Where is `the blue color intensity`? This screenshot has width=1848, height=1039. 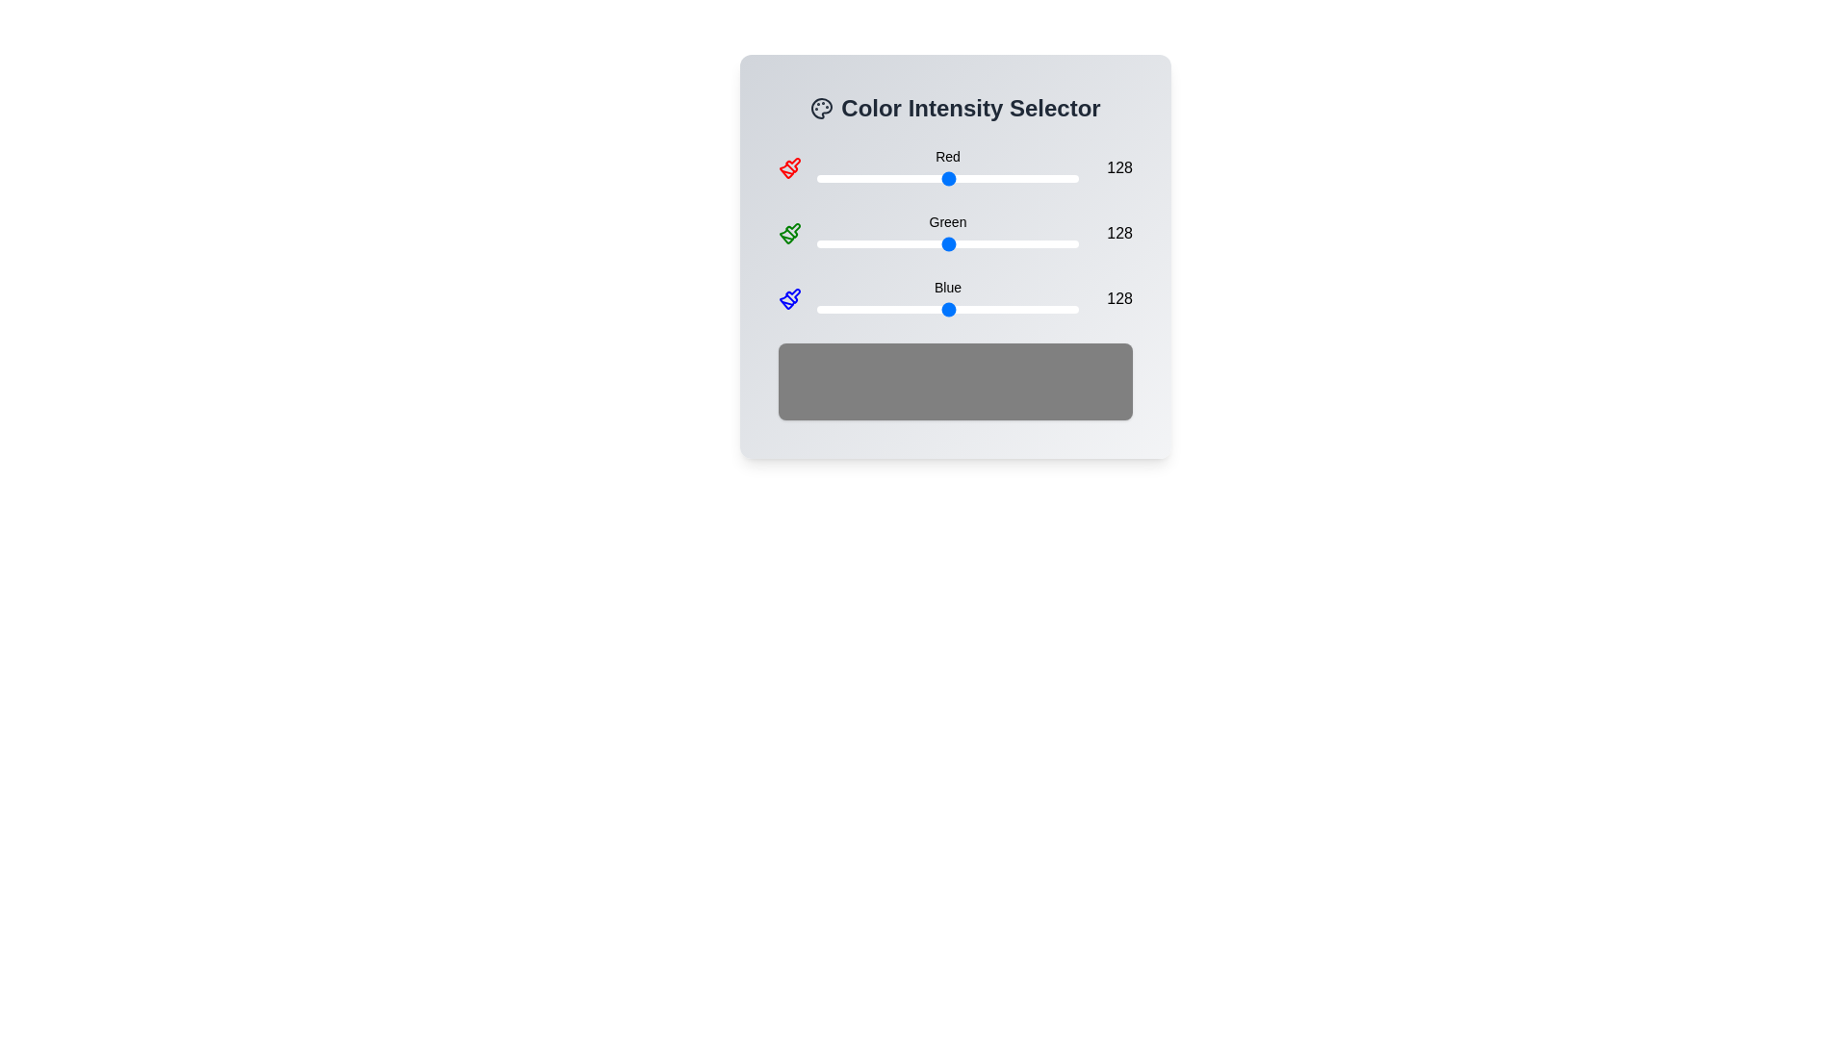 the blue color intensity is located at coordinates (990, 308).